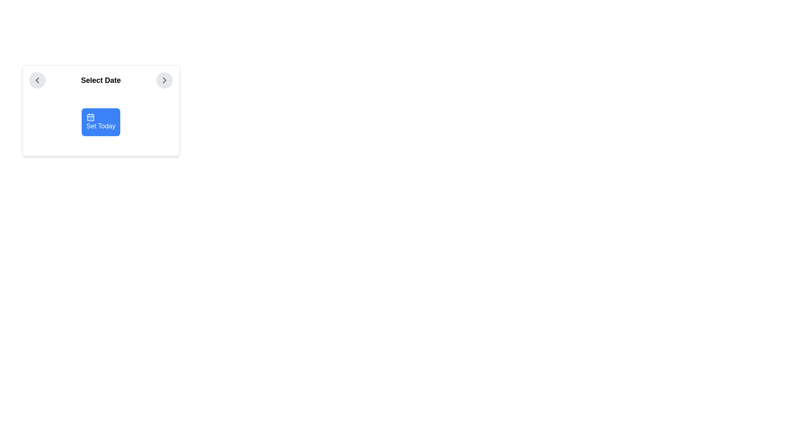 The height and width of the screenshot is (443, 788). What do you see at coordinates (164, 80) in the screenshot?
I see `the navigation button on the far right side of the header section, which is used for moving to the next date or page` at bounding box center [164, 80].